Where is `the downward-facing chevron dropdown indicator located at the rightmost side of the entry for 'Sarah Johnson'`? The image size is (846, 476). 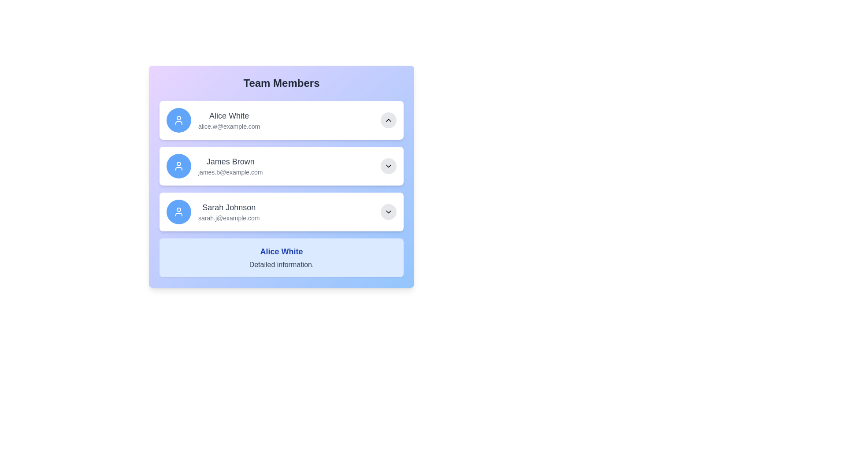 the downward-facing chevron dropdown indicator located at the rightmost side of the entry for 'Sarah Johnson' is located at coordinates (388, 212).